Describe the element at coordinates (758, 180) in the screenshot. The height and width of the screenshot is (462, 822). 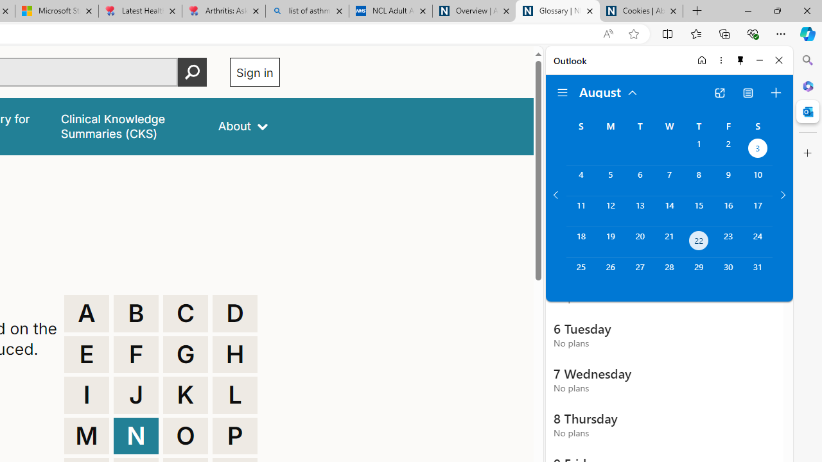
I see `'Saturday, August 10, 2024. '` at that location.